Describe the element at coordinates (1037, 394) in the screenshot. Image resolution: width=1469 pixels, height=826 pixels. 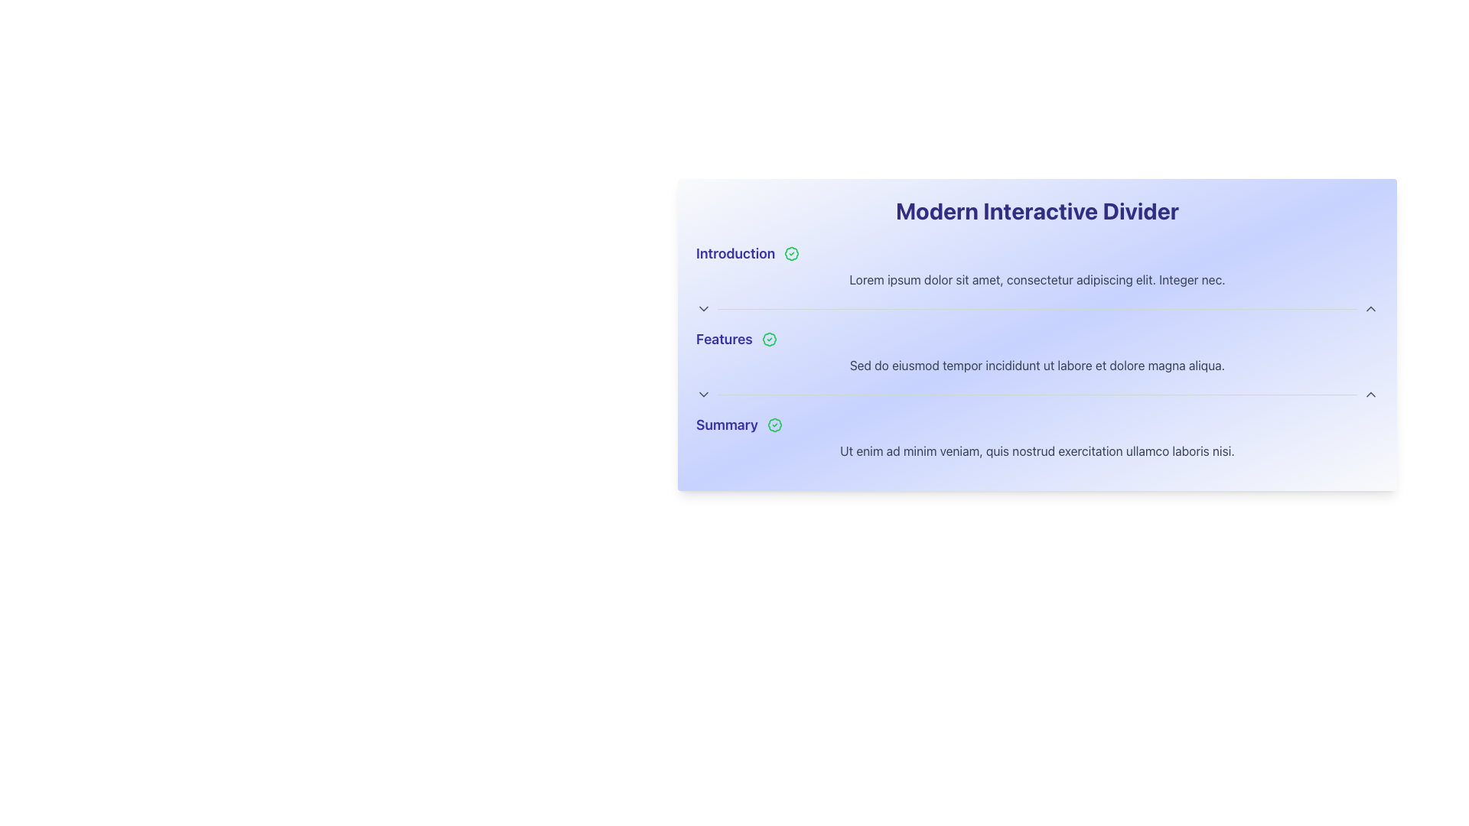
I see `the right arrow on the Horizontal Divider with Interactive Controls` at that location.